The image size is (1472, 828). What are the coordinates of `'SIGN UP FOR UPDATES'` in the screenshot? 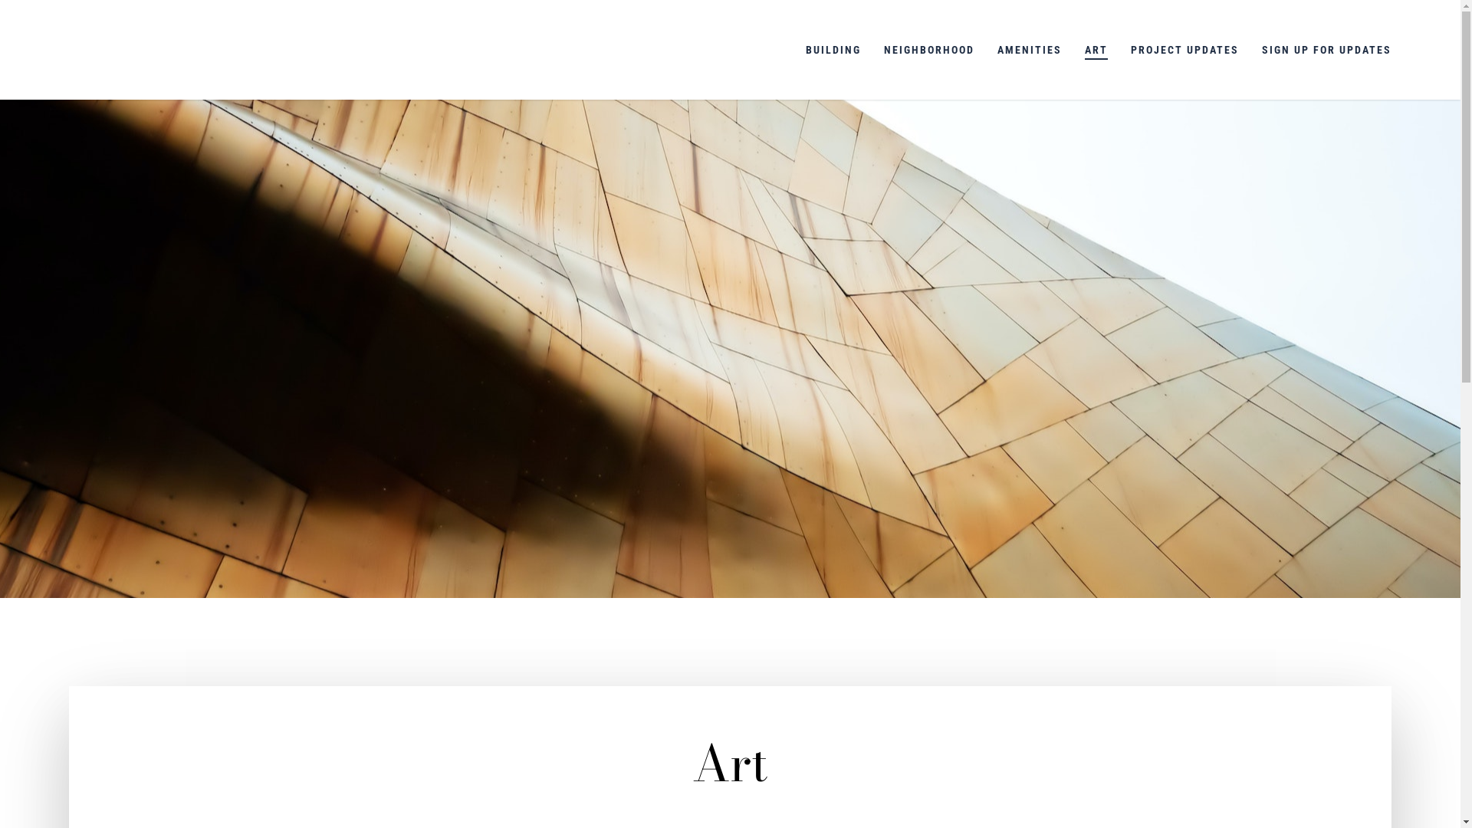 It's located at (1326, 49).